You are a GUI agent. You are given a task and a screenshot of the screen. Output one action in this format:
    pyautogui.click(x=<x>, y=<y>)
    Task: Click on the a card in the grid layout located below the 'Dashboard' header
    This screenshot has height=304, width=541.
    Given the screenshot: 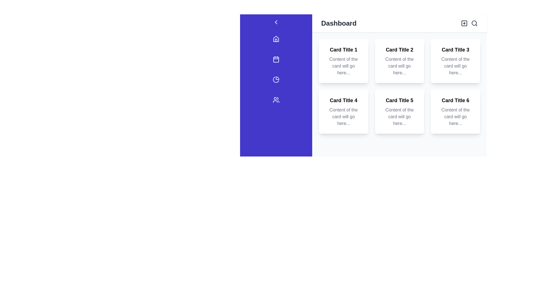 What is the action you would take?
    pyautogui.click(x=399, y=86)
    